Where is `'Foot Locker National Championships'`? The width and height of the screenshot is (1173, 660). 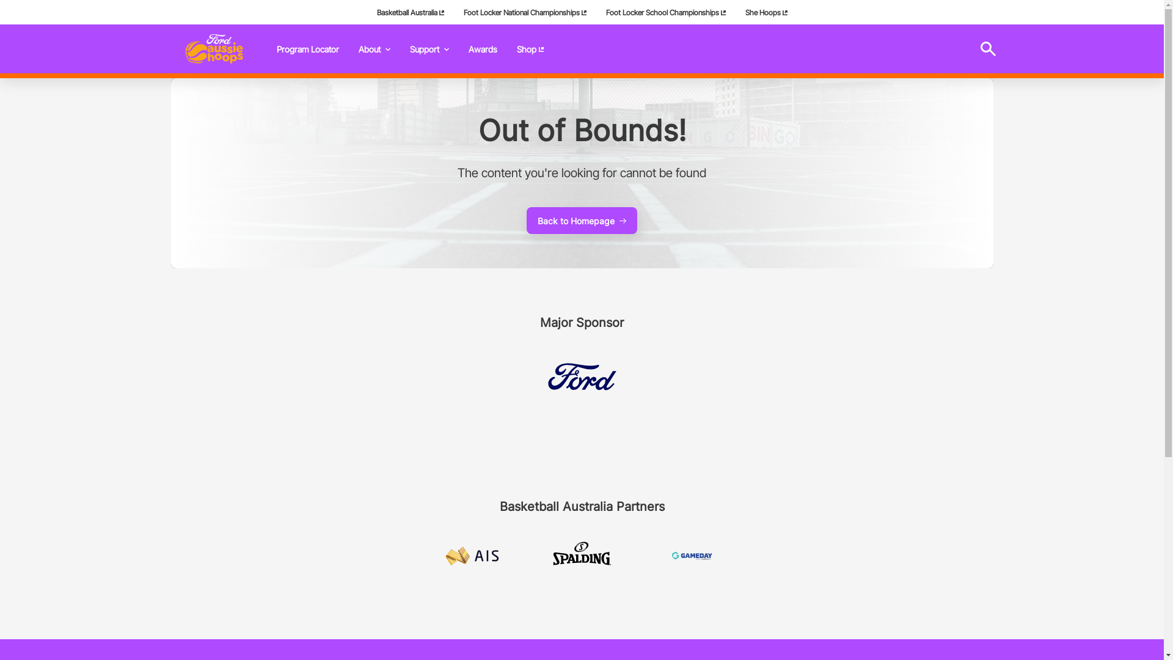
'Foot Locker National Championships' is located at coordinates (453, 12).